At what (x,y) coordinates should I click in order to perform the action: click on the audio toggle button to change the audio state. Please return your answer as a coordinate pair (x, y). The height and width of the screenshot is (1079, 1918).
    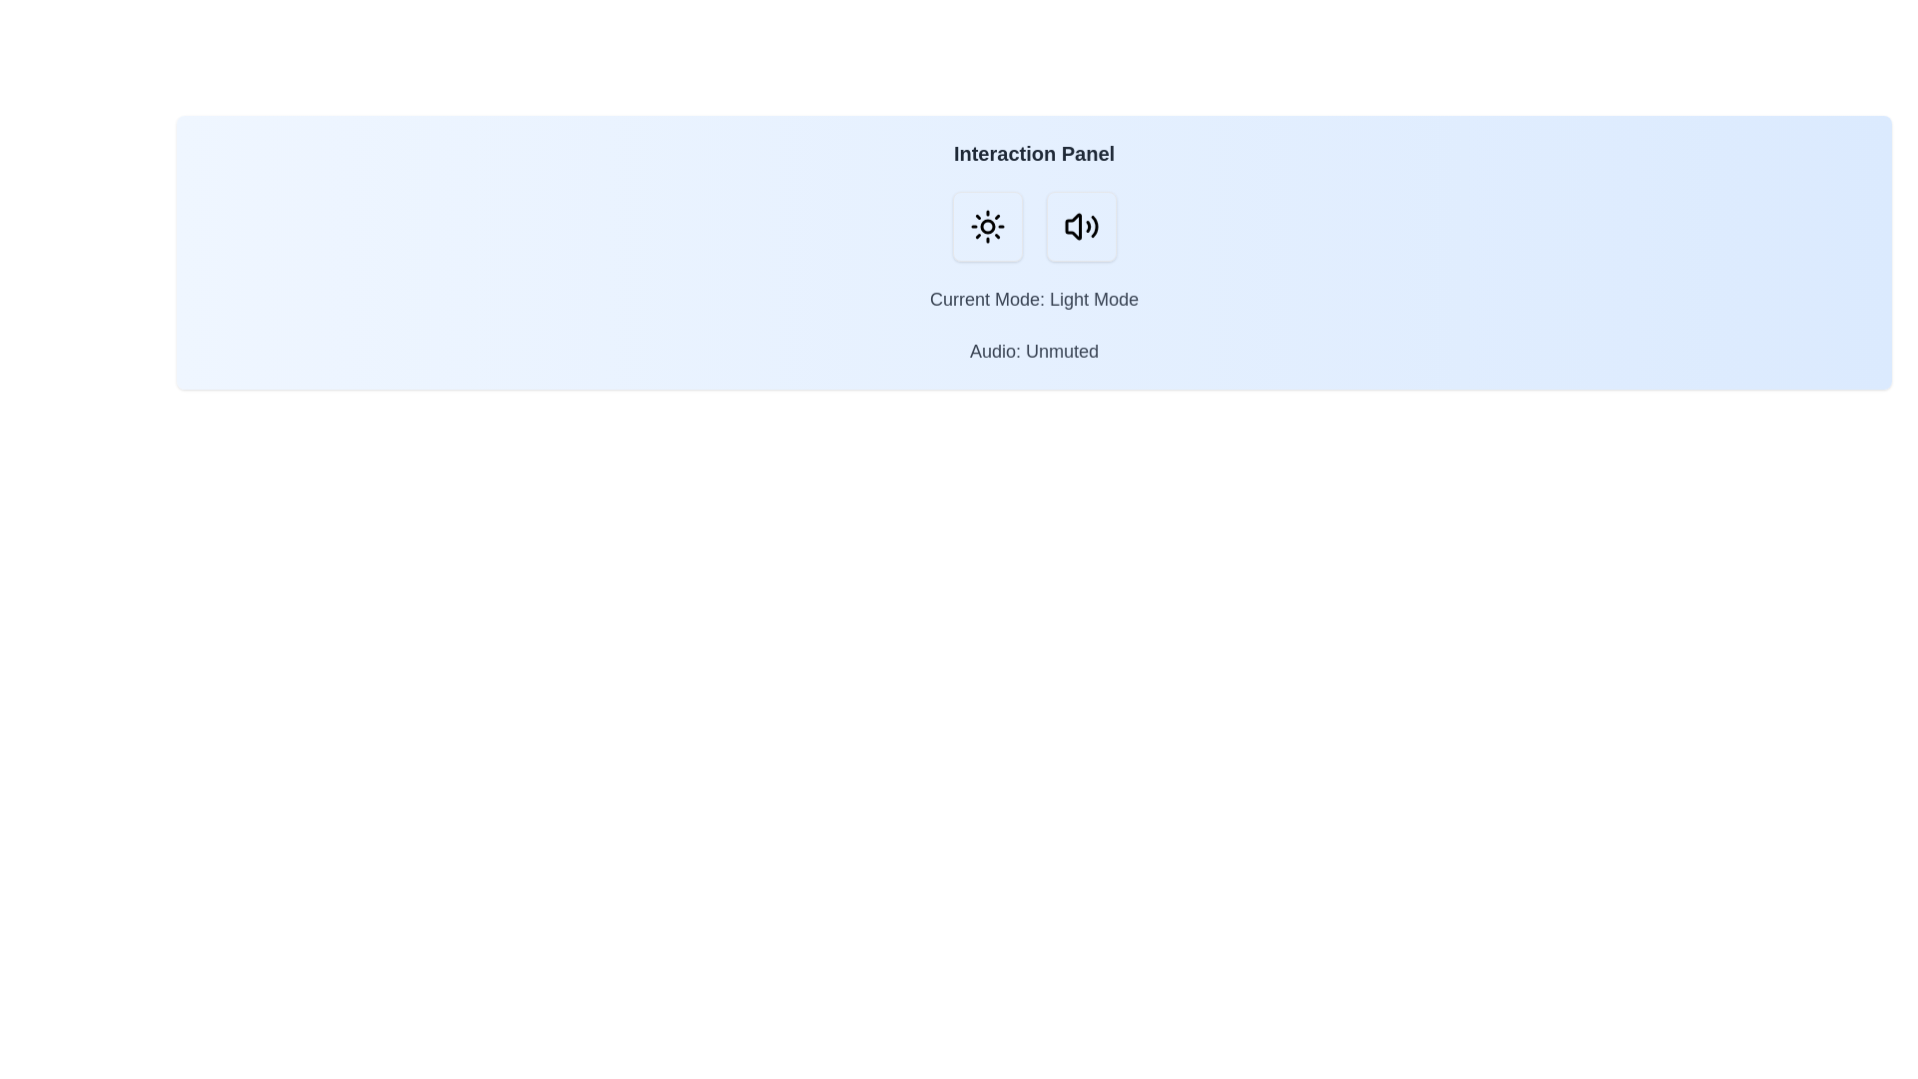
    Looking at the image, I should click on (1080, 226).